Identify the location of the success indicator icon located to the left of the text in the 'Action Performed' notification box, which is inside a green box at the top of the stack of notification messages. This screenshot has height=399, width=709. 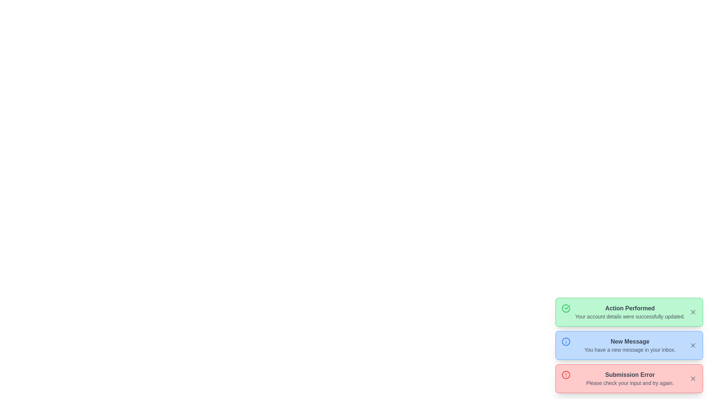
(566, 312).